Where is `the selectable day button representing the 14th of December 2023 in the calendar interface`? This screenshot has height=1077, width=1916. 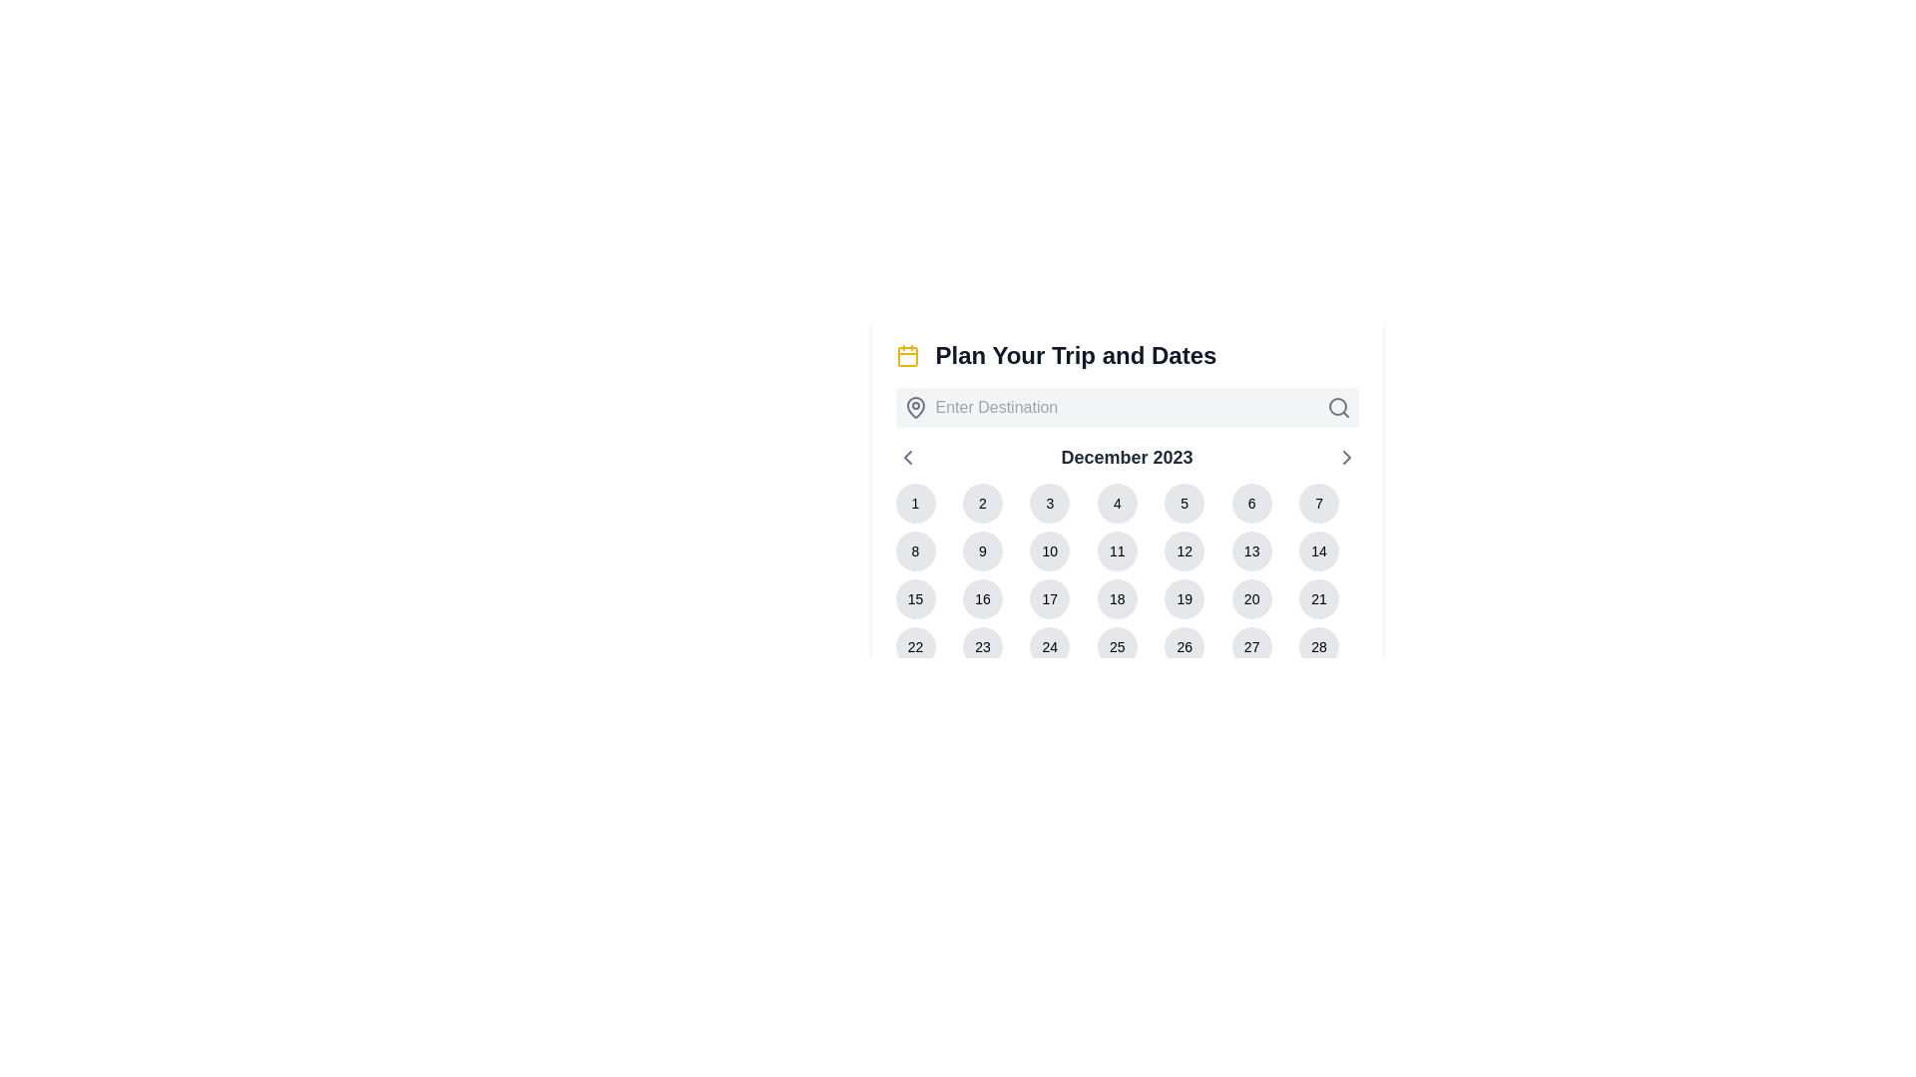
the selectable day button representing the 14th of December 2023 in the calendar interface is located at coordinates (1319, 550).